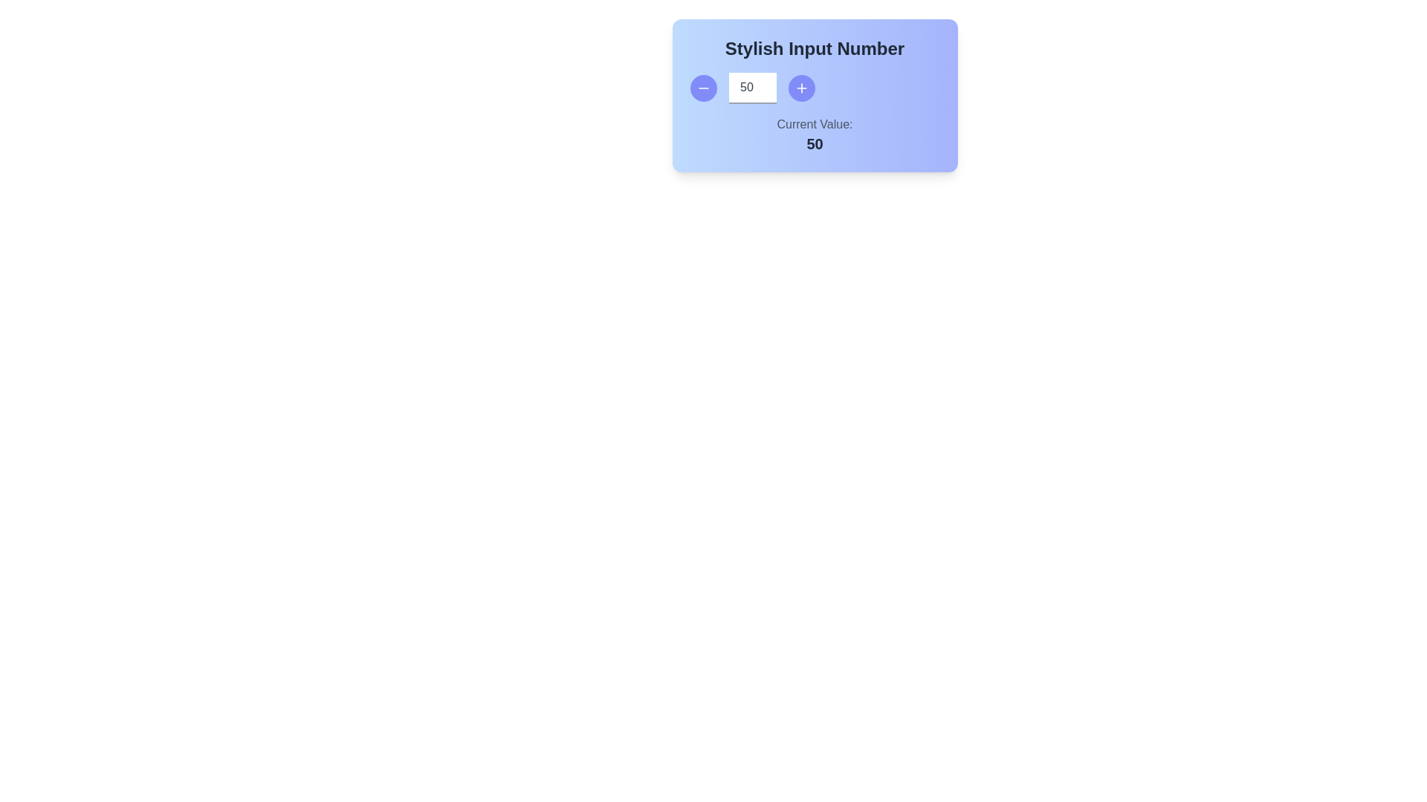 This screenshot has height=802, width=1427. Describe the element at coordinates (800, 88) in the screenshot. I see `the circular button with an indigo background containing a centered 'plus' icon to increment the value next to the input box labeled '50'` at that location.